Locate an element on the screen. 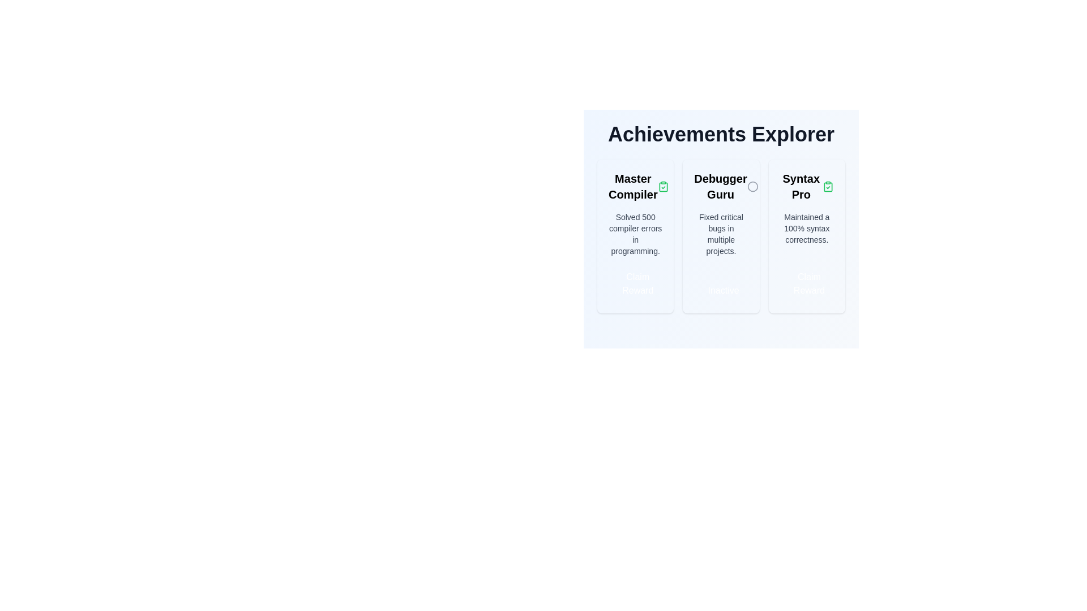 The width and height of the screenshot is (1087, 611). the 'inactive achievement' button located at the bottom section of the 'Debugger Guru' card is located at coordinates (720, 290).